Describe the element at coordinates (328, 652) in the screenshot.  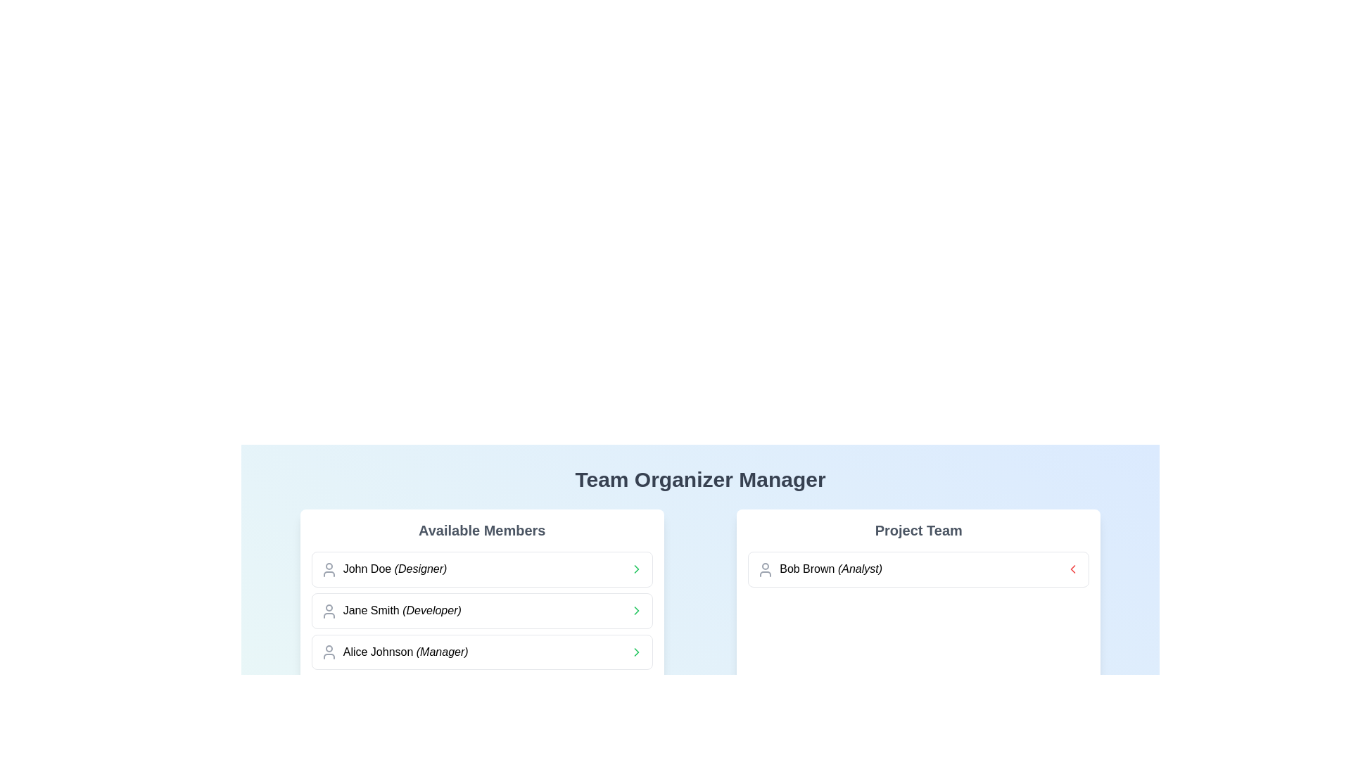
I see `the small gray user icon representing 'Alice Johnson (Manager)' located in the third row of the 'Available Members' list` at that location.